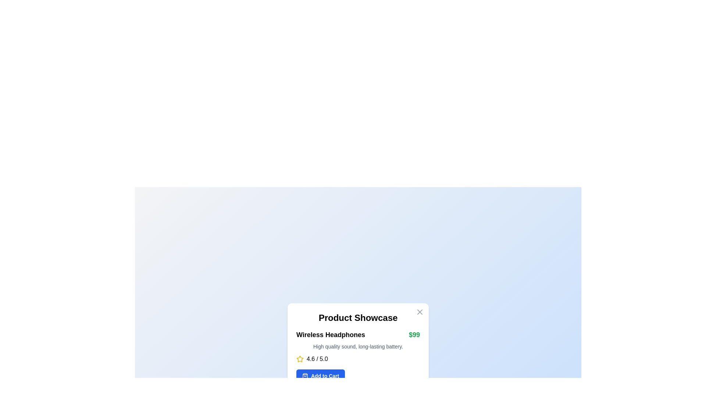 The height and width of the screenshot is (397, 706). I want to click on the shopping bag icon located to the left of the 'Add to Cart' text within the blue button area, so click(305, 376).